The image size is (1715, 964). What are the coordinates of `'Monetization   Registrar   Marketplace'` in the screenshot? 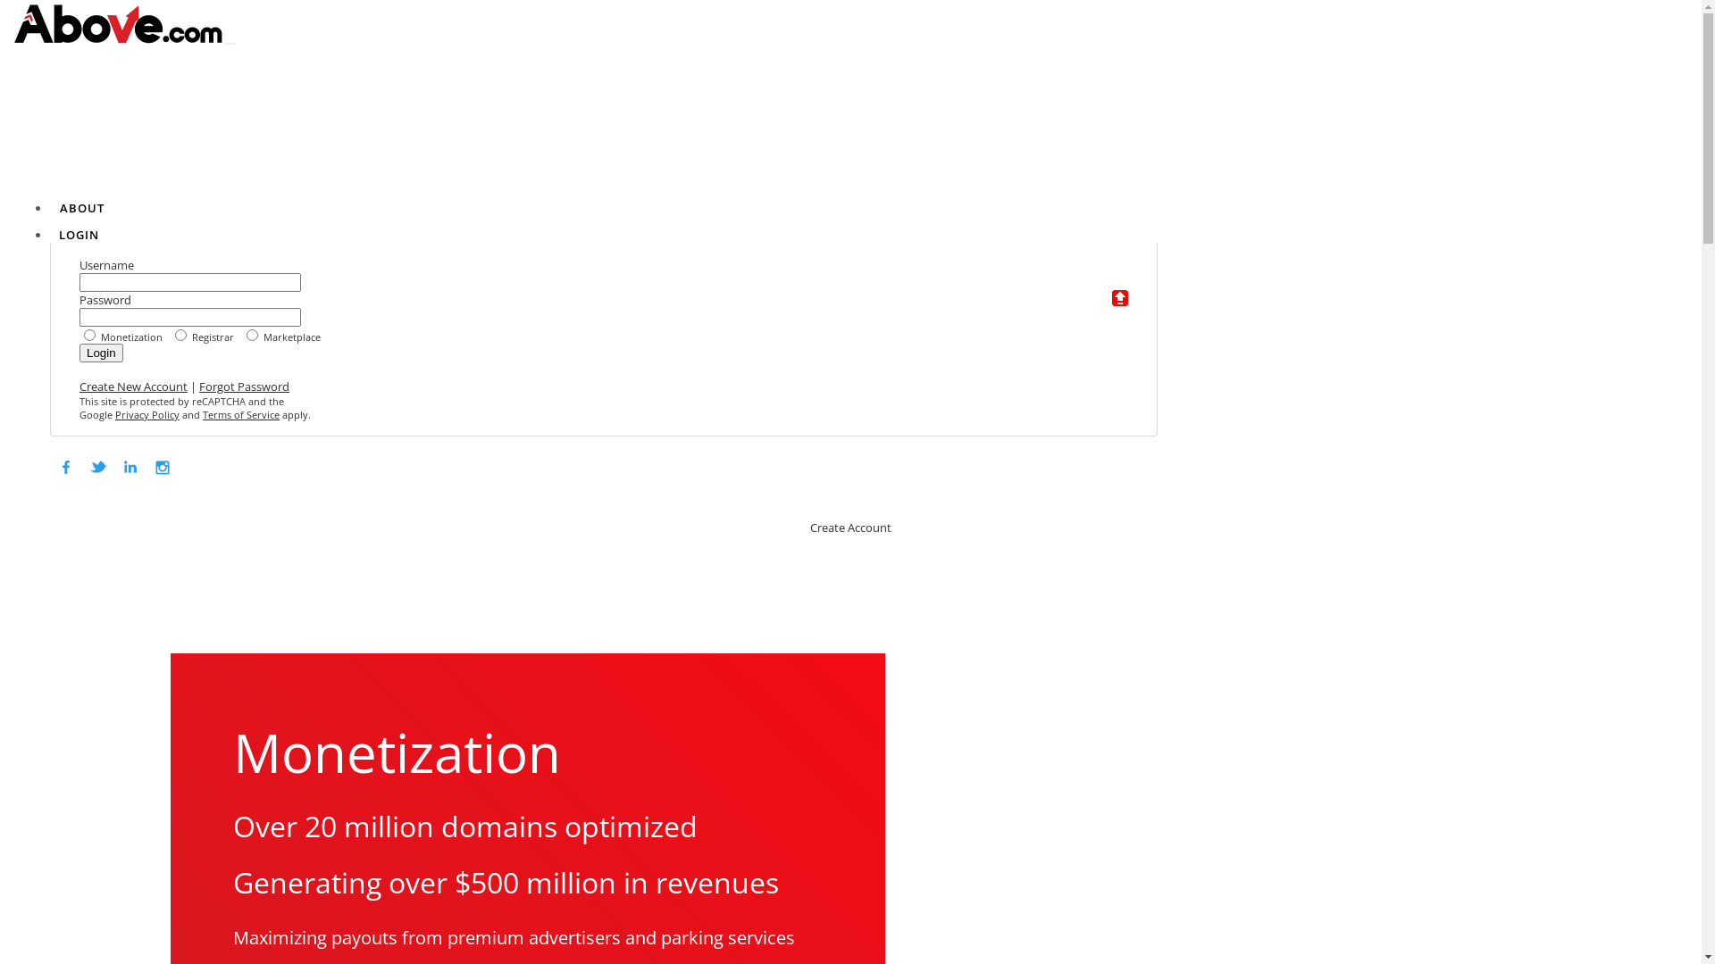 It's located at (79, 335).